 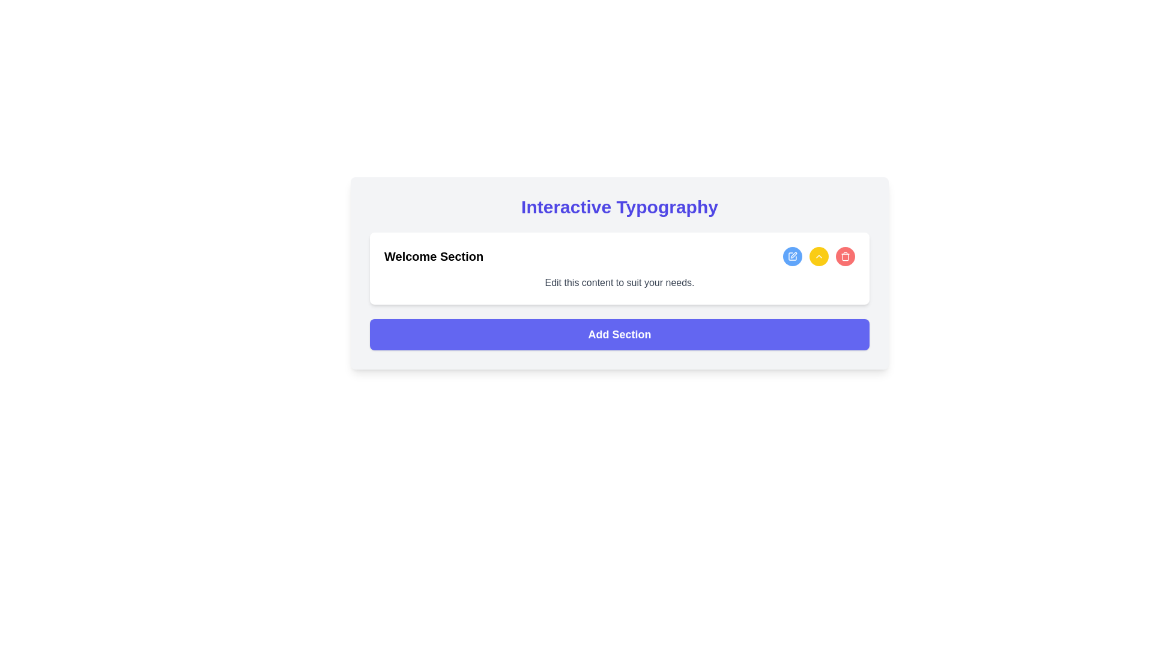 What do you see at coordinates (818, 256) in the screenshot?
I see `the circular yellow button with white text and an upward-pointing chevron icon` at bounding box center [818, 256].